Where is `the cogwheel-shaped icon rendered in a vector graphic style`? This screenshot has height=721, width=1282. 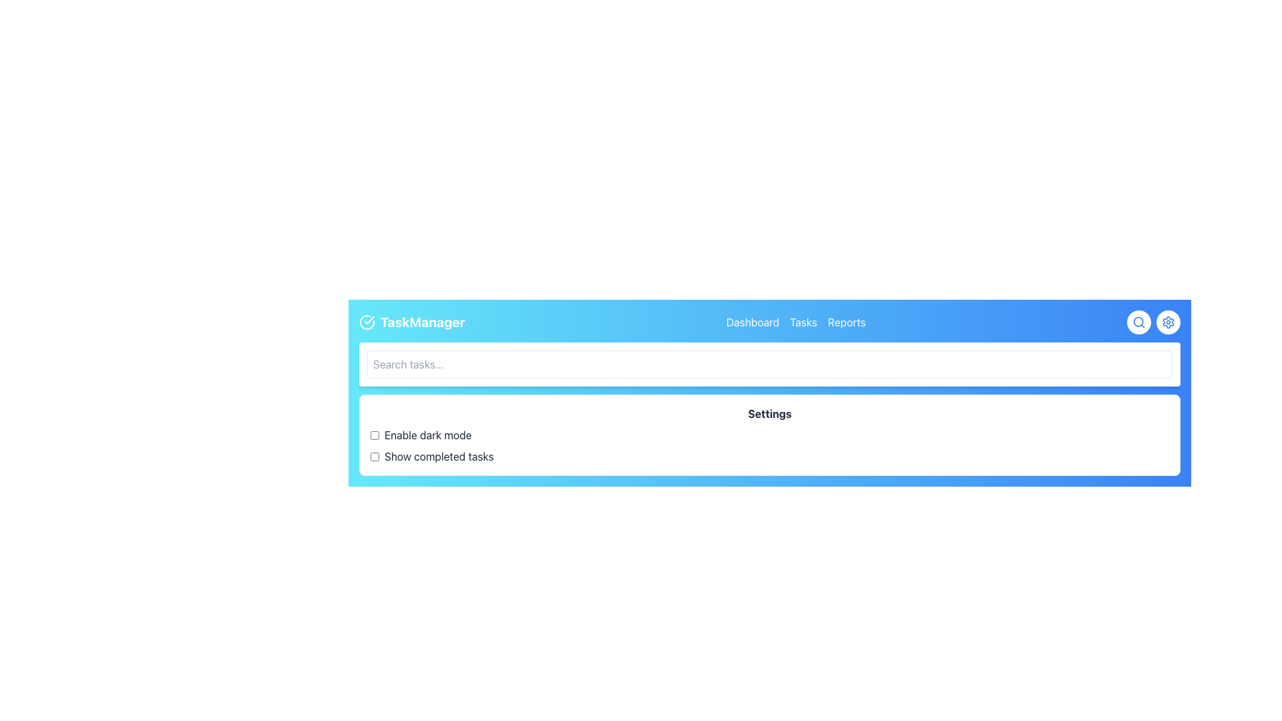
the cogwheel-shaped icon rendered in a vector graphic style is located at coordinates (1167, 322).